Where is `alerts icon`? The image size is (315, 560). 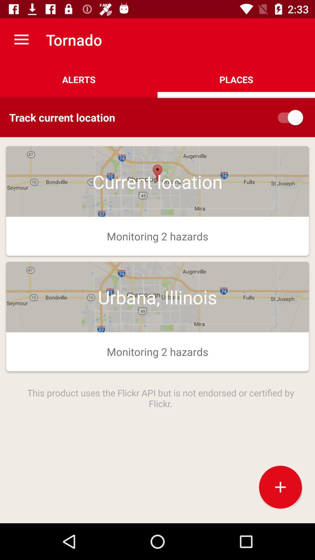
alerts icon is located at coordinates (79, 79).